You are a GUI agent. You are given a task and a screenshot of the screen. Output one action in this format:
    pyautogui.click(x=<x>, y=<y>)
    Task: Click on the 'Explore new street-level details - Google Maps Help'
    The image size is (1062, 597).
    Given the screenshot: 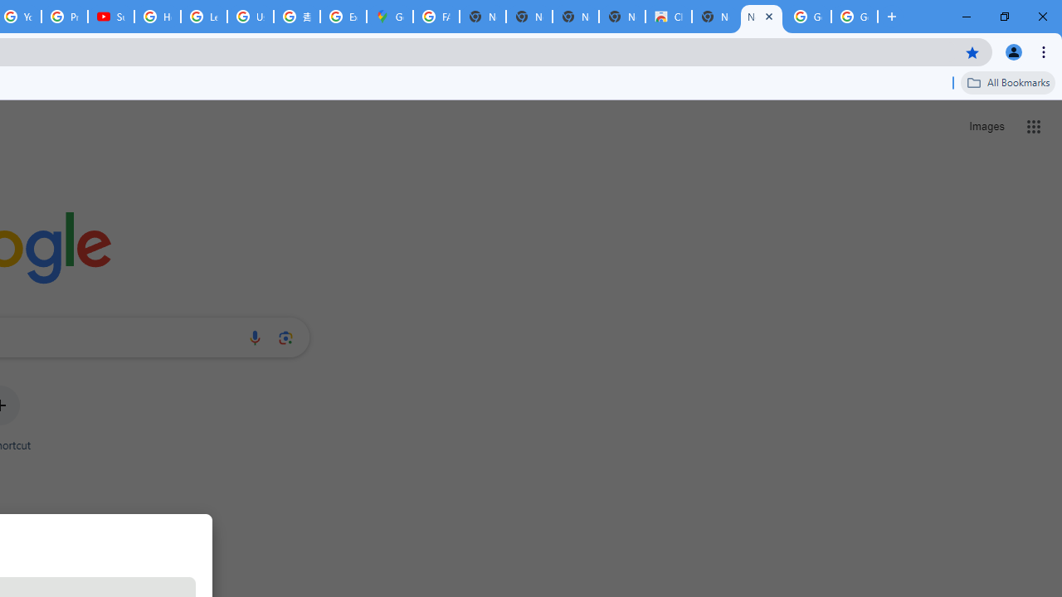 What is the action you would take?
    pyautogui.click(x=343, y=17)
    